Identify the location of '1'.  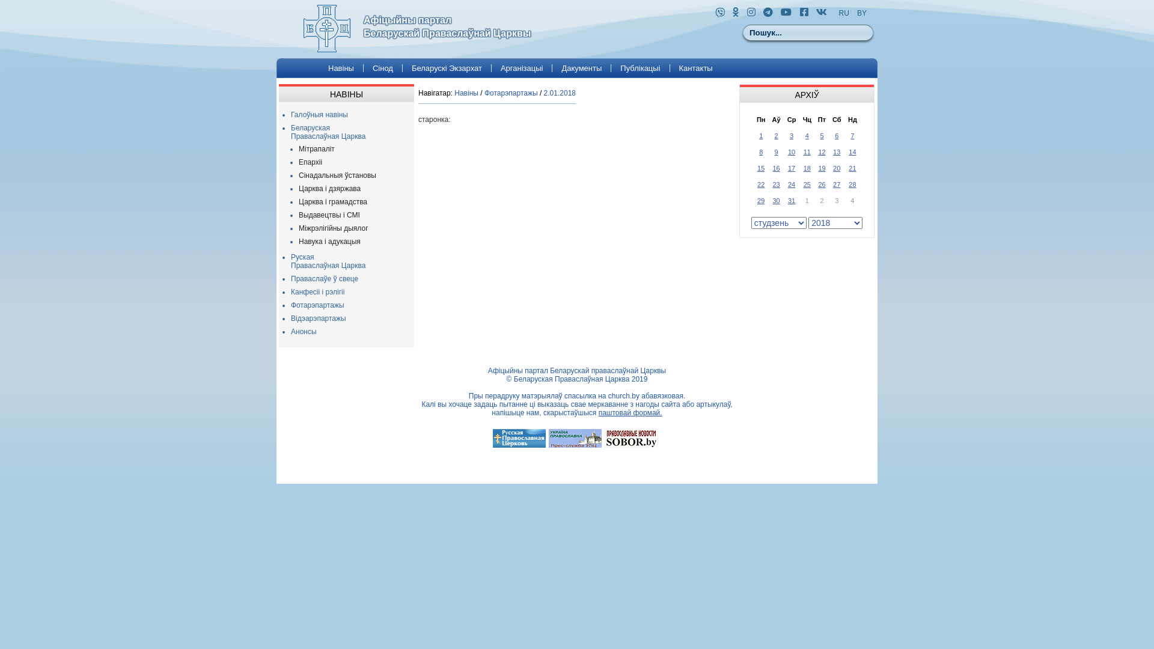
(760, 135).